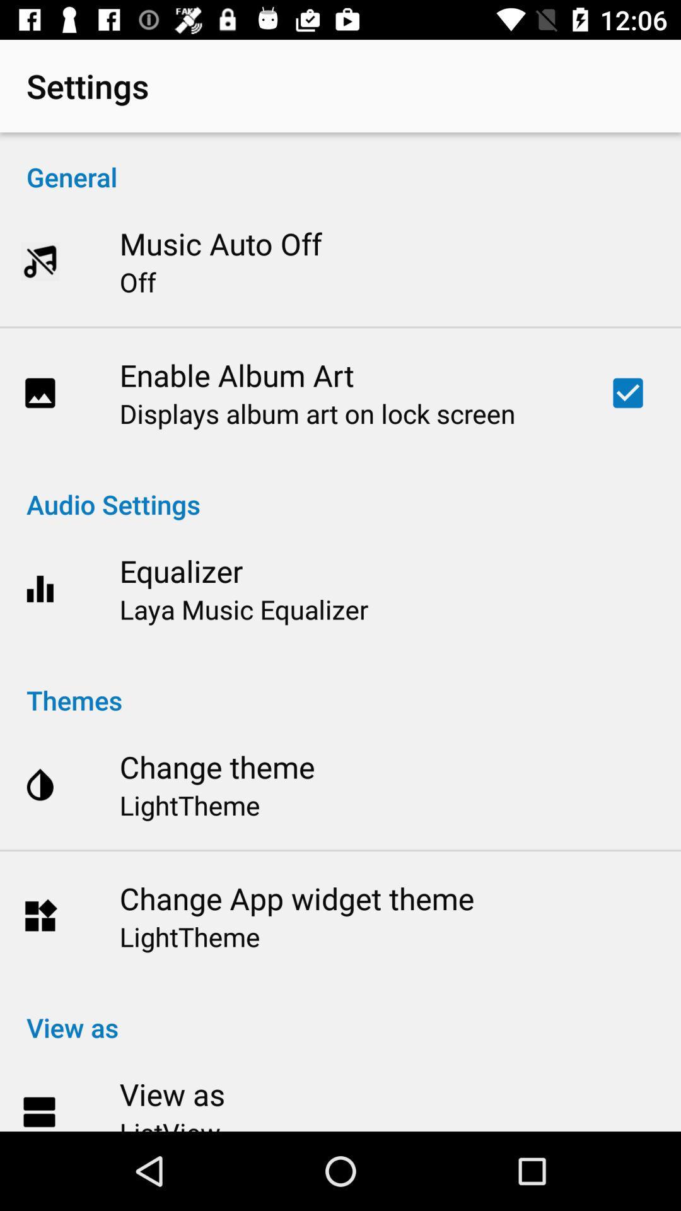 The height and width of the screenshot is (1211, 681). What do you see at coordinates (627, 392) in the screenshot?
I see `the item at the top right corner` at bounding box center [627, 392].